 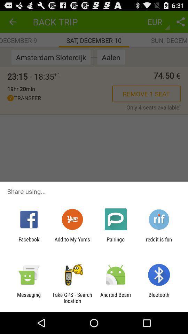 I want to click on fake gps search icon, so click(x=72, y=297).